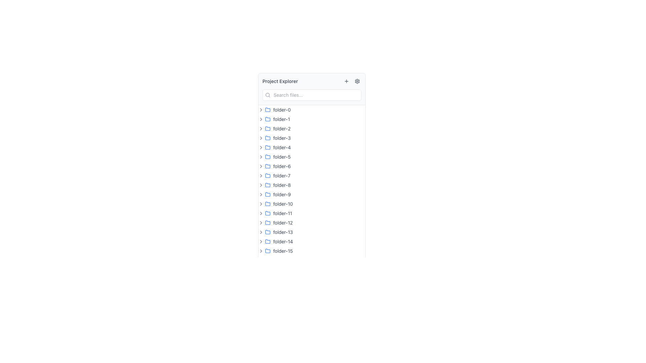  I want to click on the icon representing the 'folder-8', so click(267, 185).